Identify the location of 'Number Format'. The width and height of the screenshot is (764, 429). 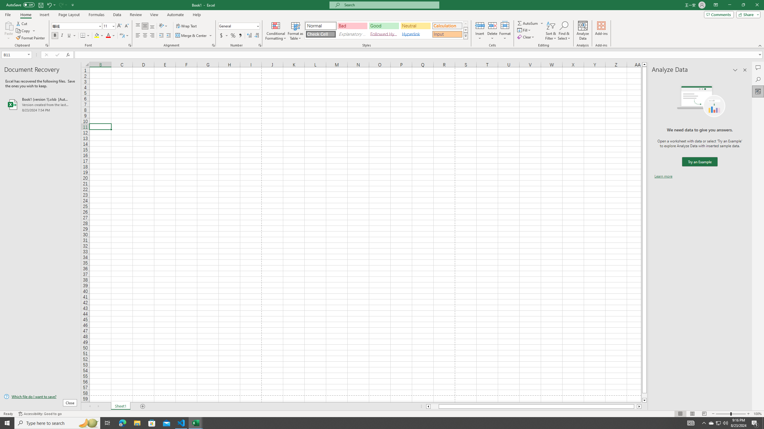
(237, 26).